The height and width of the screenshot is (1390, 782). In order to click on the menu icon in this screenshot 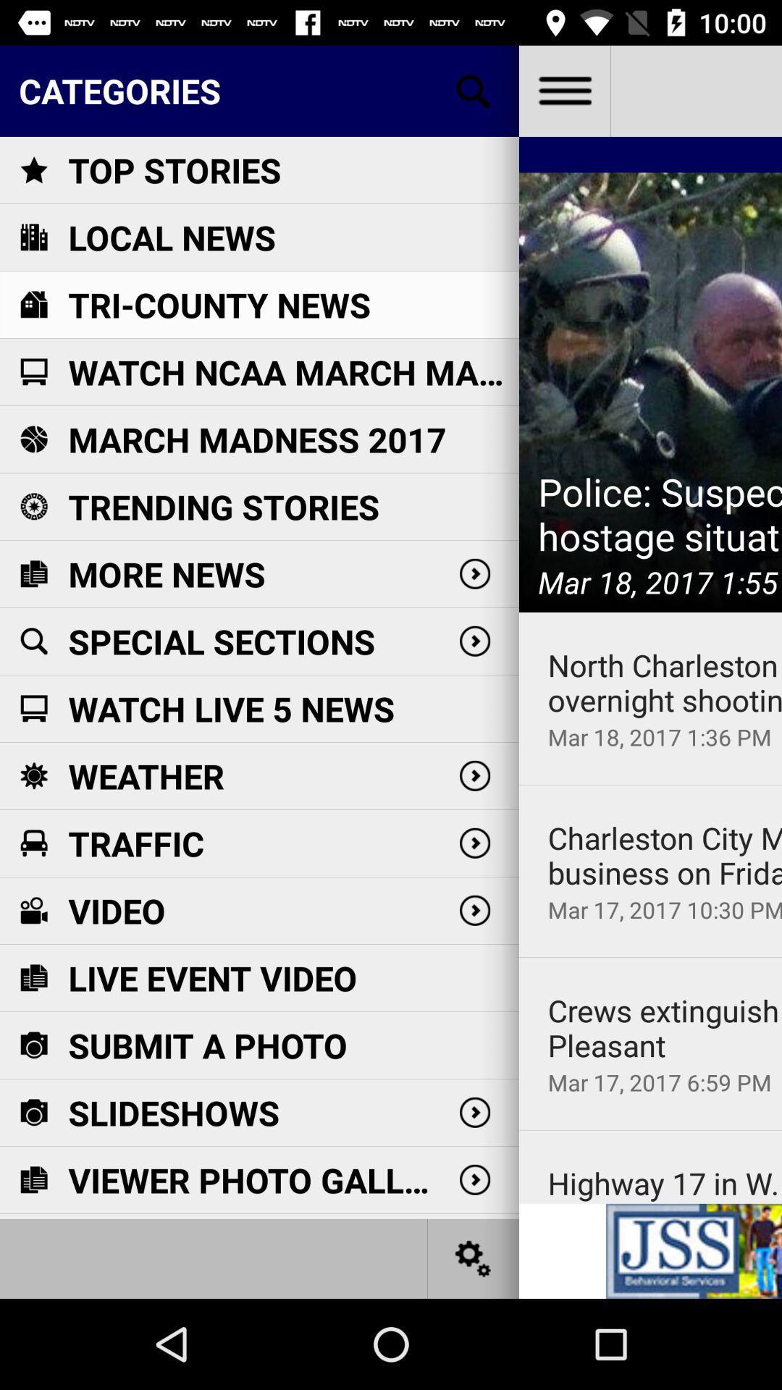, I will do `click(563, 90)`.